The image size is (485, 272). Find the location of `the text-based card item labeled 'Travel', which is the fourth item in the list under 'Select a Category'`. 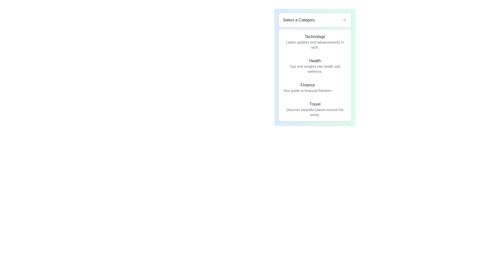

the text-based card item labeled 'Travel', which is the fourth item in the list under 'Select a Category' is located at coordinates (315, 109).